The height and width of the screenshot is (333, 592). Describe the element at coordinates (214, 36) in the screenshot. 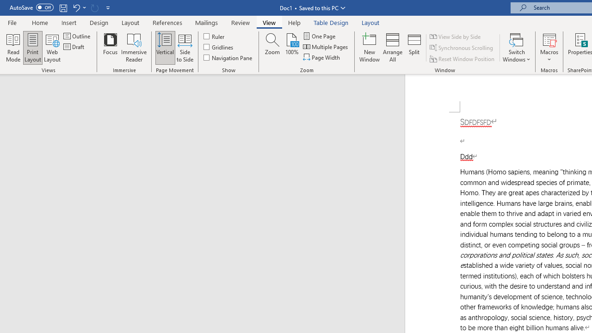

I see `'Ruler'` at that location.